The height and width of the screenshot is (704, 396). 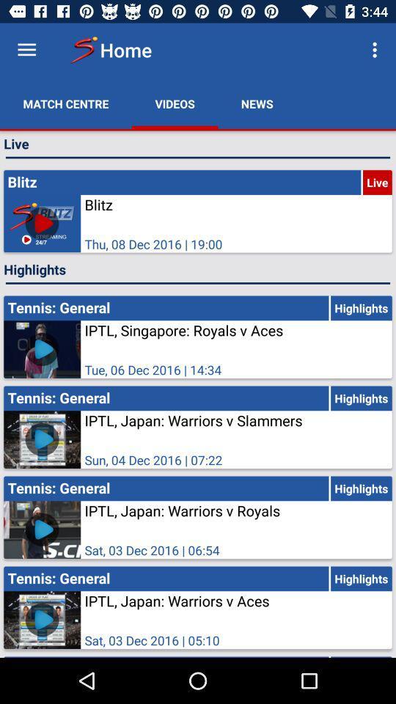 I want to click on menu, so click(x=26, y=50).